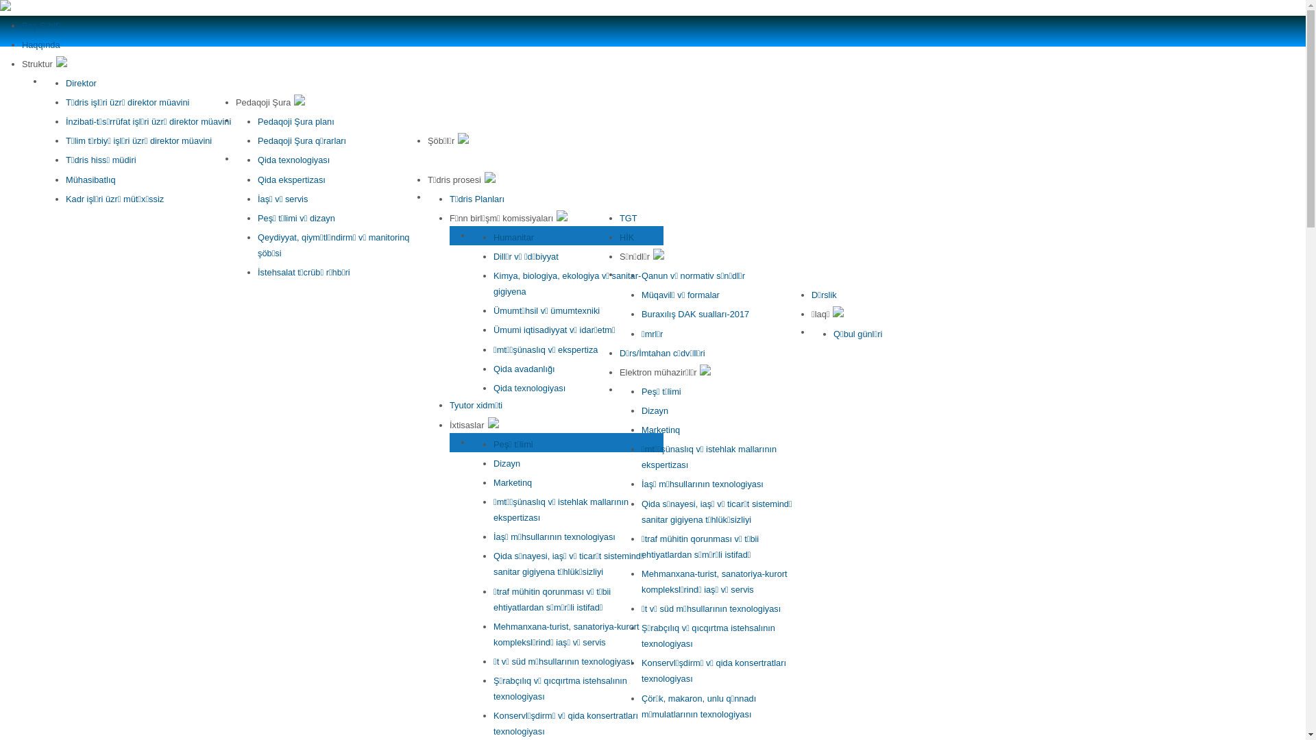  What do you see at coordinates (641, 410) in the screenshot?
I see `'Dizayn'` at bounding box center [641, 410].